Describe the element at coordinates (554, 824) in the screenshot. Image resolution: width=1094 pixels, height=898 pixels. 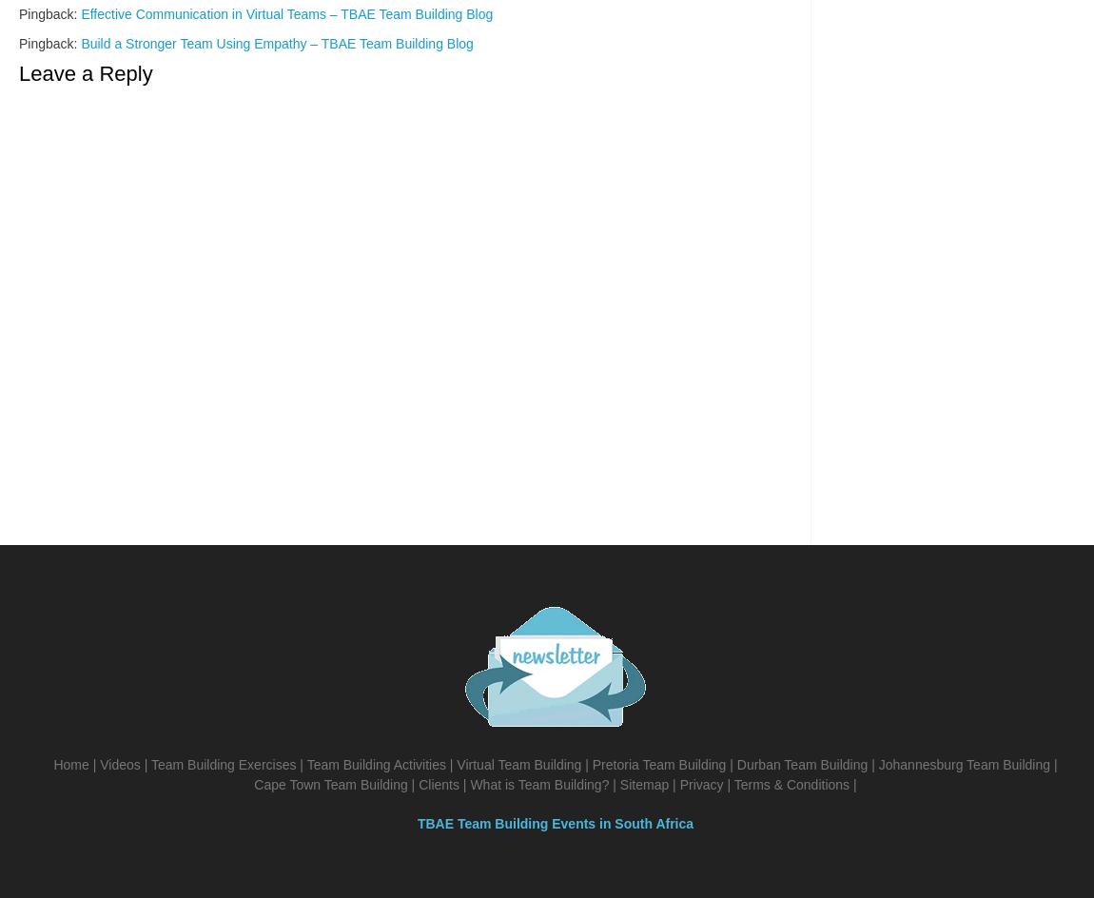
I see `'TBAE Team Building Events in South Africa'` at that location.